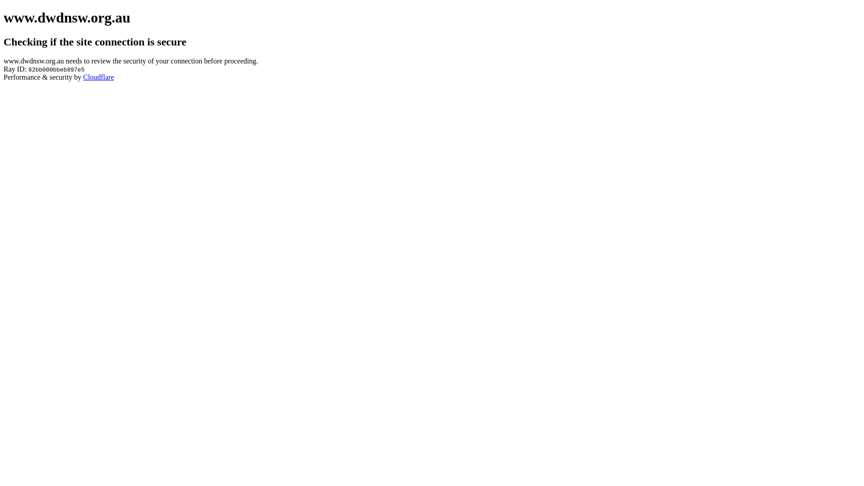 Image resolution: width=864 pixels, height=486 pixels. I want to click on 'Cloudflare', so click(99, 76).